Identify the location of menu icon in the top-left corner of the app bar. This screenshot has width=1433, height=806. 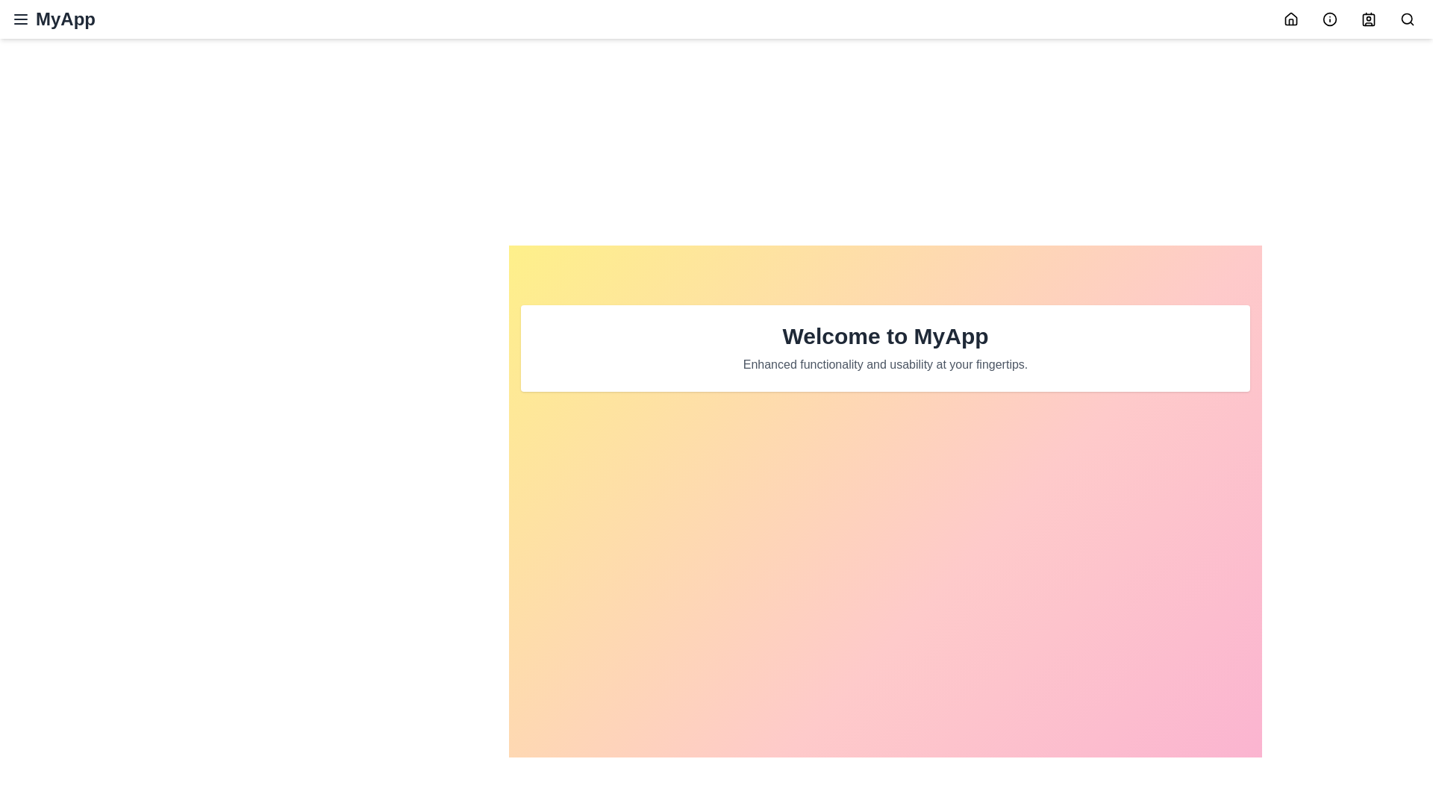
(21, 19).